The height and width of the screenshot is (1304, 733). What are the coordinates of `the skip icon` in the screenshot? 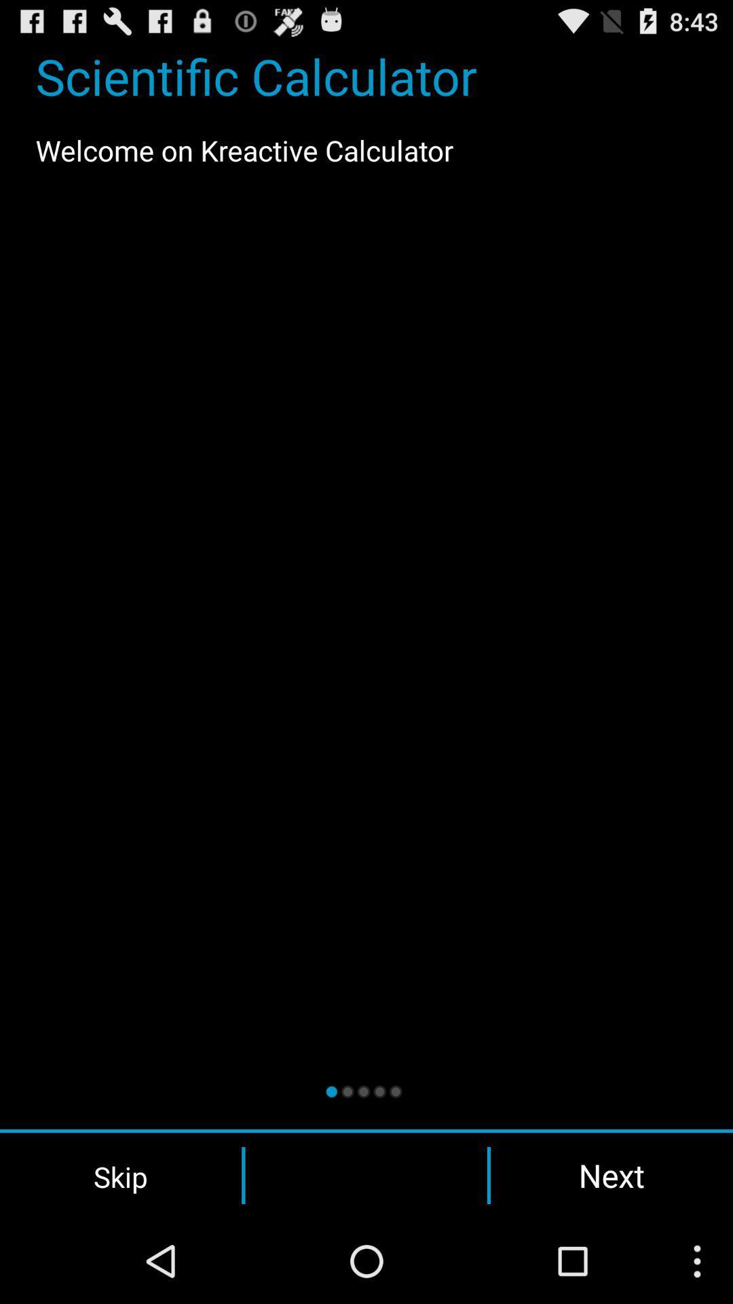 It's located at (120, 1175).